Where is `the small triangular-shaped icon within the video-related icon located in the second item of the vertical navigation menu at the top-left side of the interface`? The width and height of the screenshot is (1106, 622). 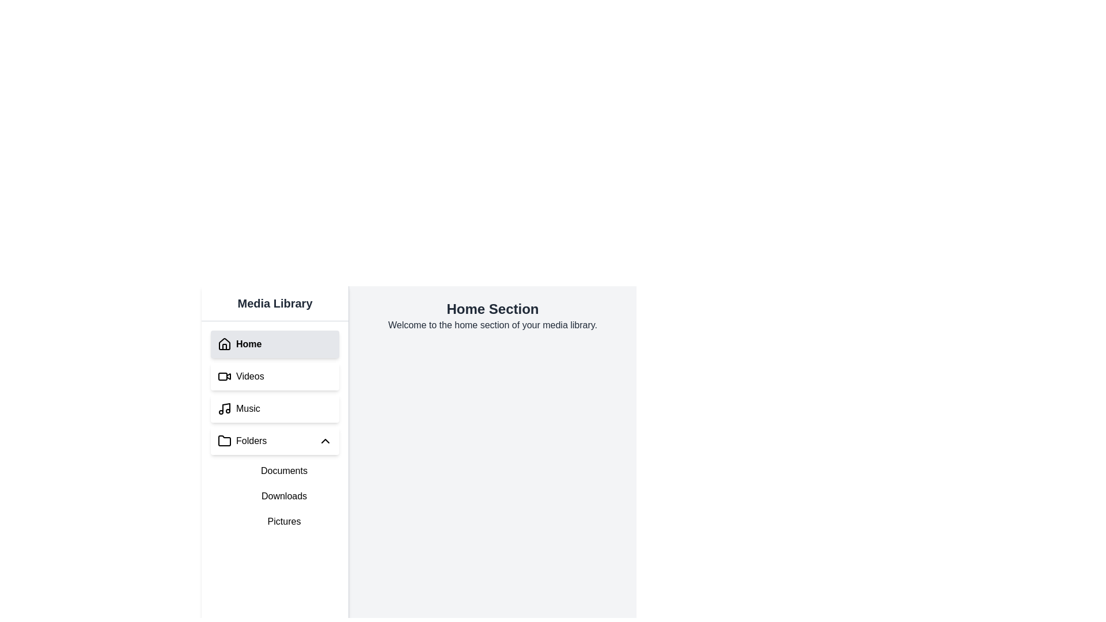 the small triangular-shaped icon within the video-related icon located in the second item of the vertical navigation menu at the top-left side of the interface is located at coordinates (229, 376).